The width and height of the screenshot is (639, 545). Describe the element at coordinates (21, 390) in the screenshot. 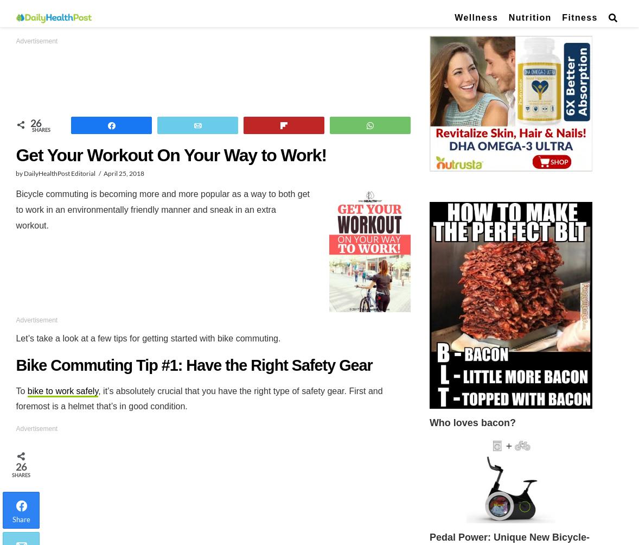

I see `'To'` at that location.